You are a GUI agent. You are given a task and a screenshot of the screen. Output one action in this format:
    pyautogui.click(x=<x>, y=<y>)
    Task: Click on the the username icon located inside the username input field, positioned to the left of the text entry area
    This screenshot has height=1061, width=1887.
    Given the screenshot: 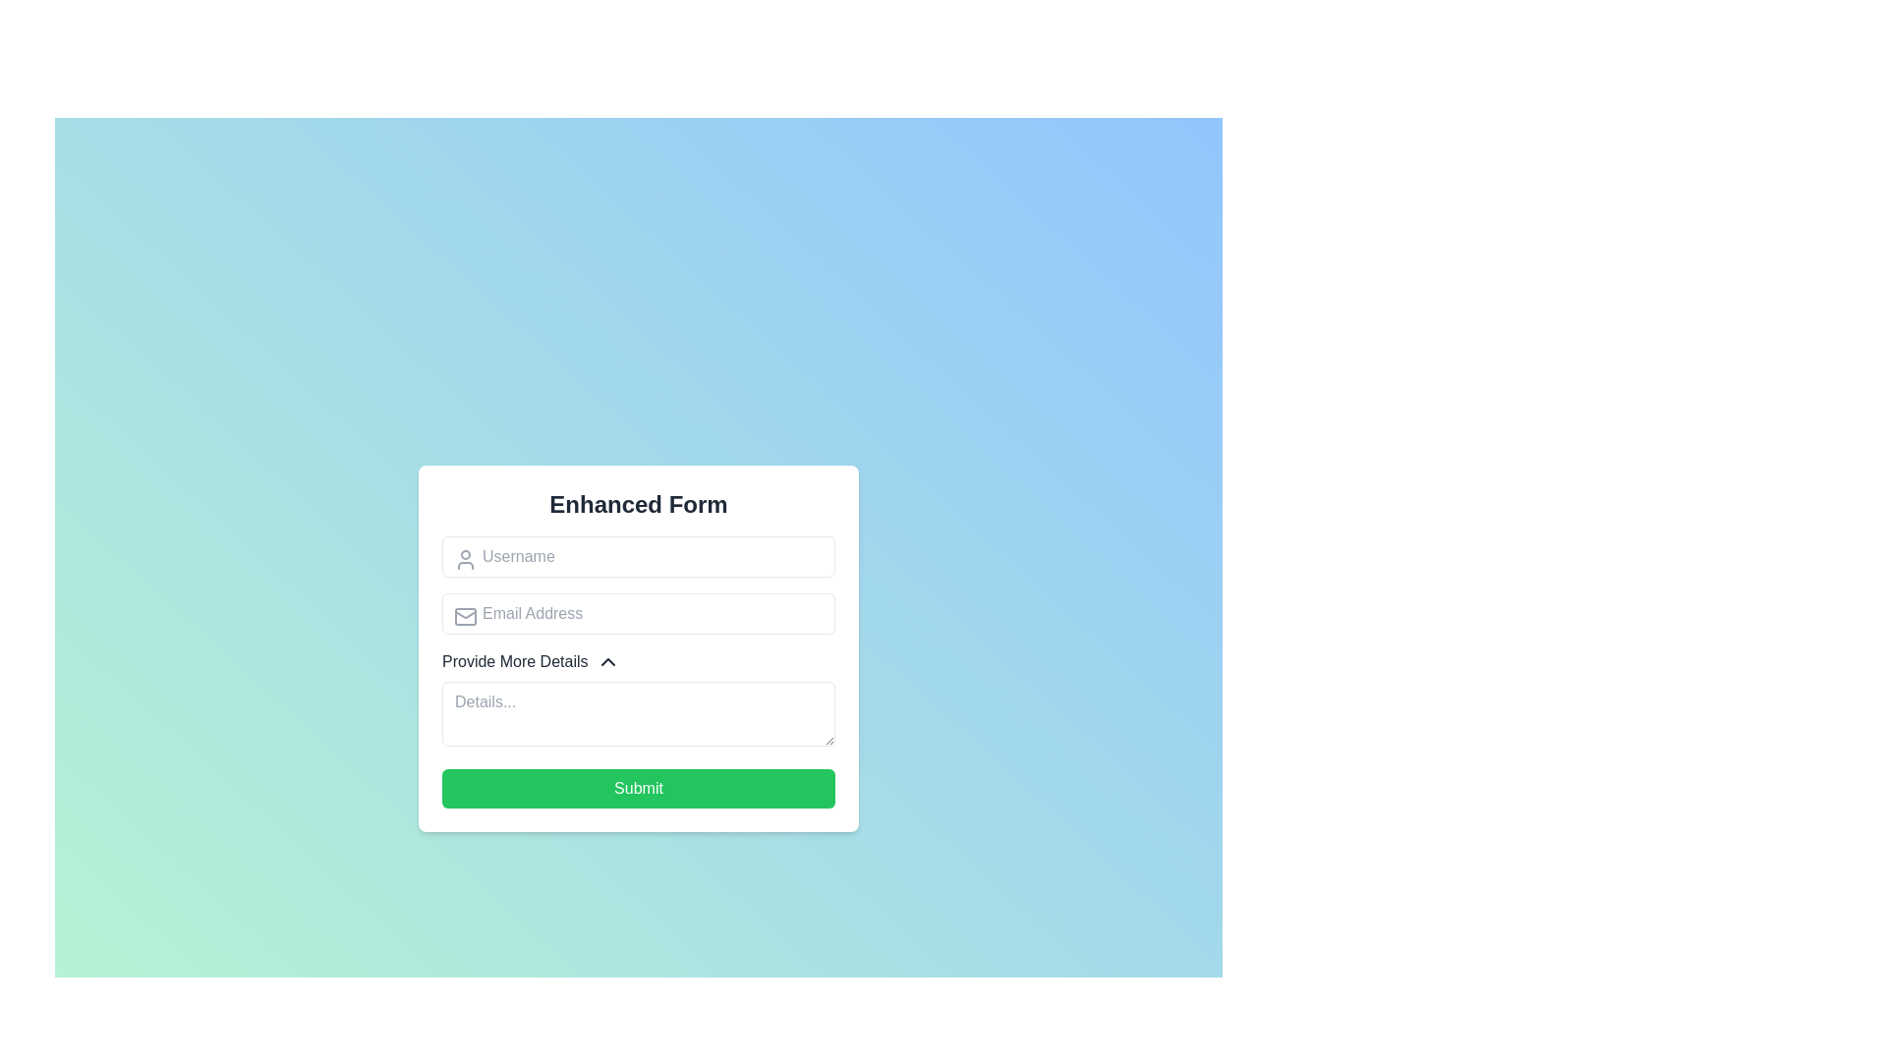 What is the action you would take?
    pyautogui.click(x=465, y=559)
    